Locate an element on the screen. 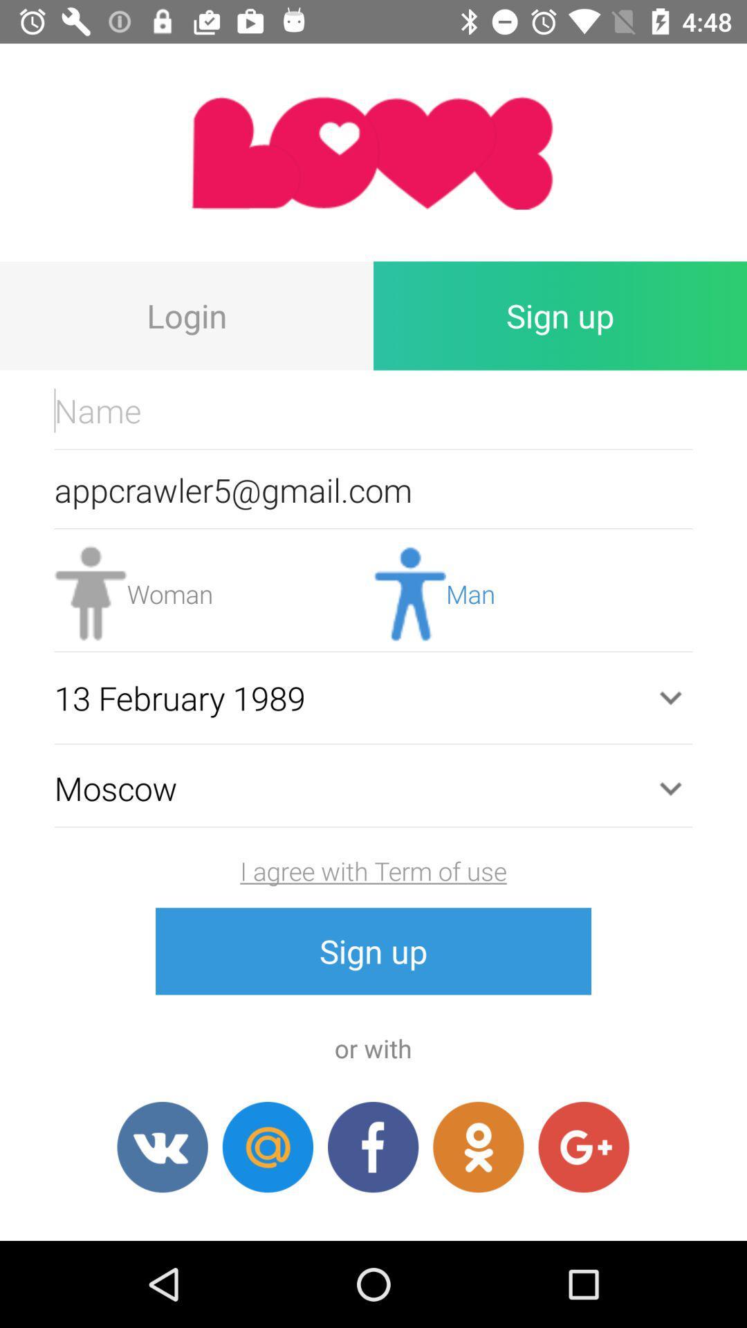 The width and height of the screenshot is (747, 1328). facebook is located at coordinates (372, 1147).